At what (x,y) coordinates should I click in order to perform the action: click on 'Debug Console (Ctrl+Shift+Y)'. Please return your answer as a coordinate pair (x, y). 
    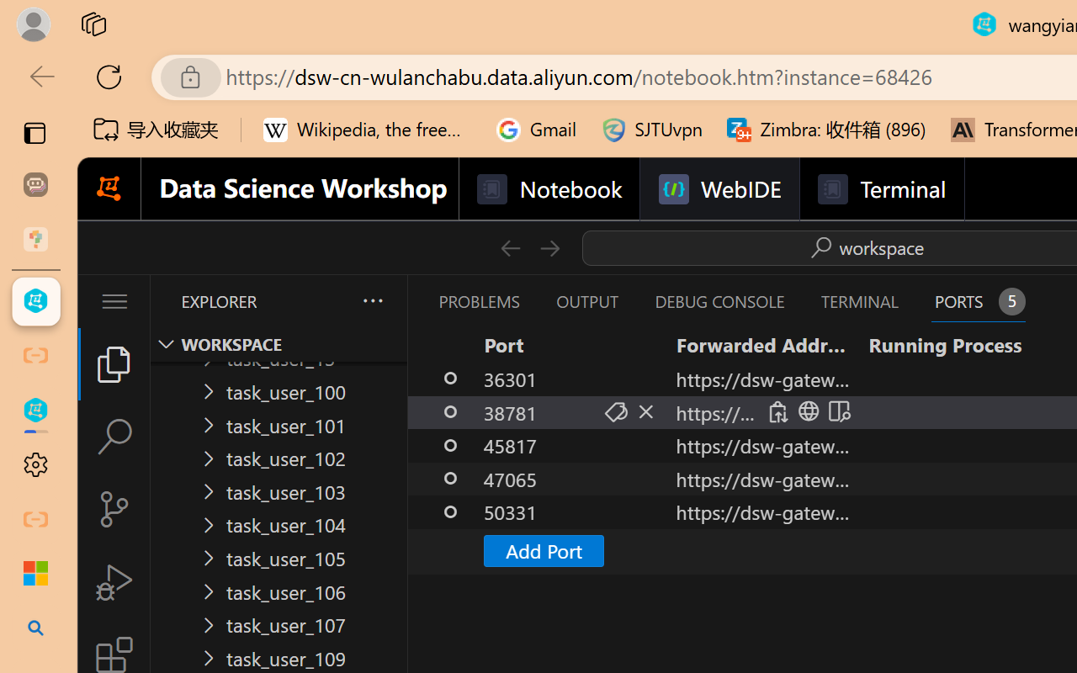
    Looking at the image, I should click on (719, 301).